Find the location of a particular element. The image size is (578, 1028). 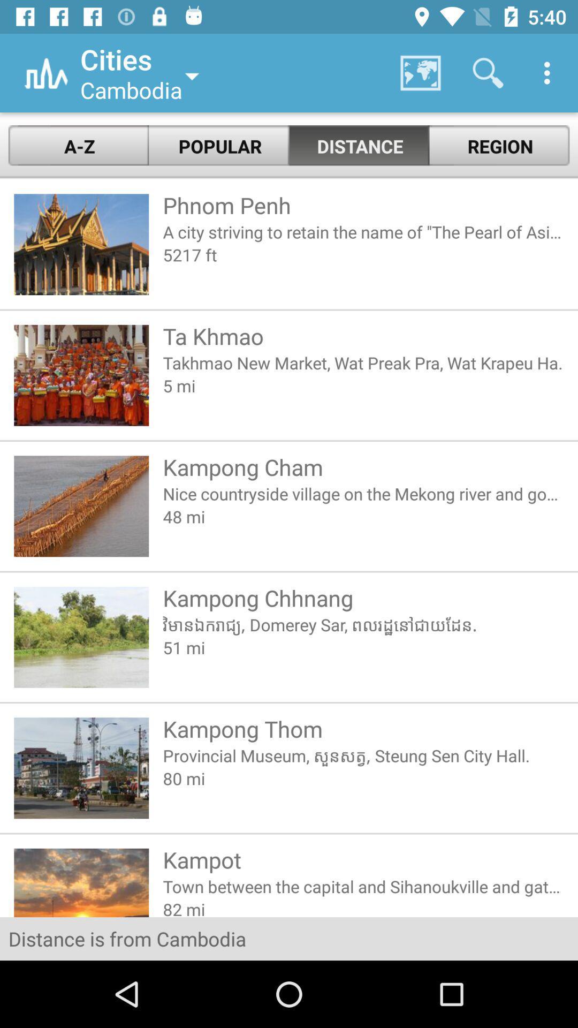

the 82 mi is located at coordinates (363, 906).